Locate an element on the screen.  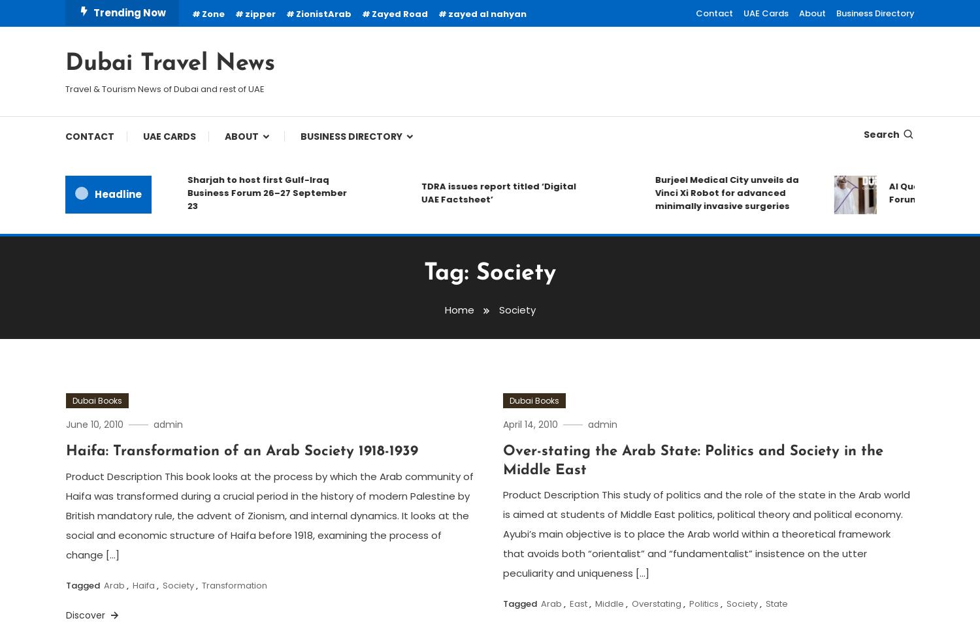
'ZionistArab' is located at coordinates (323, 13).